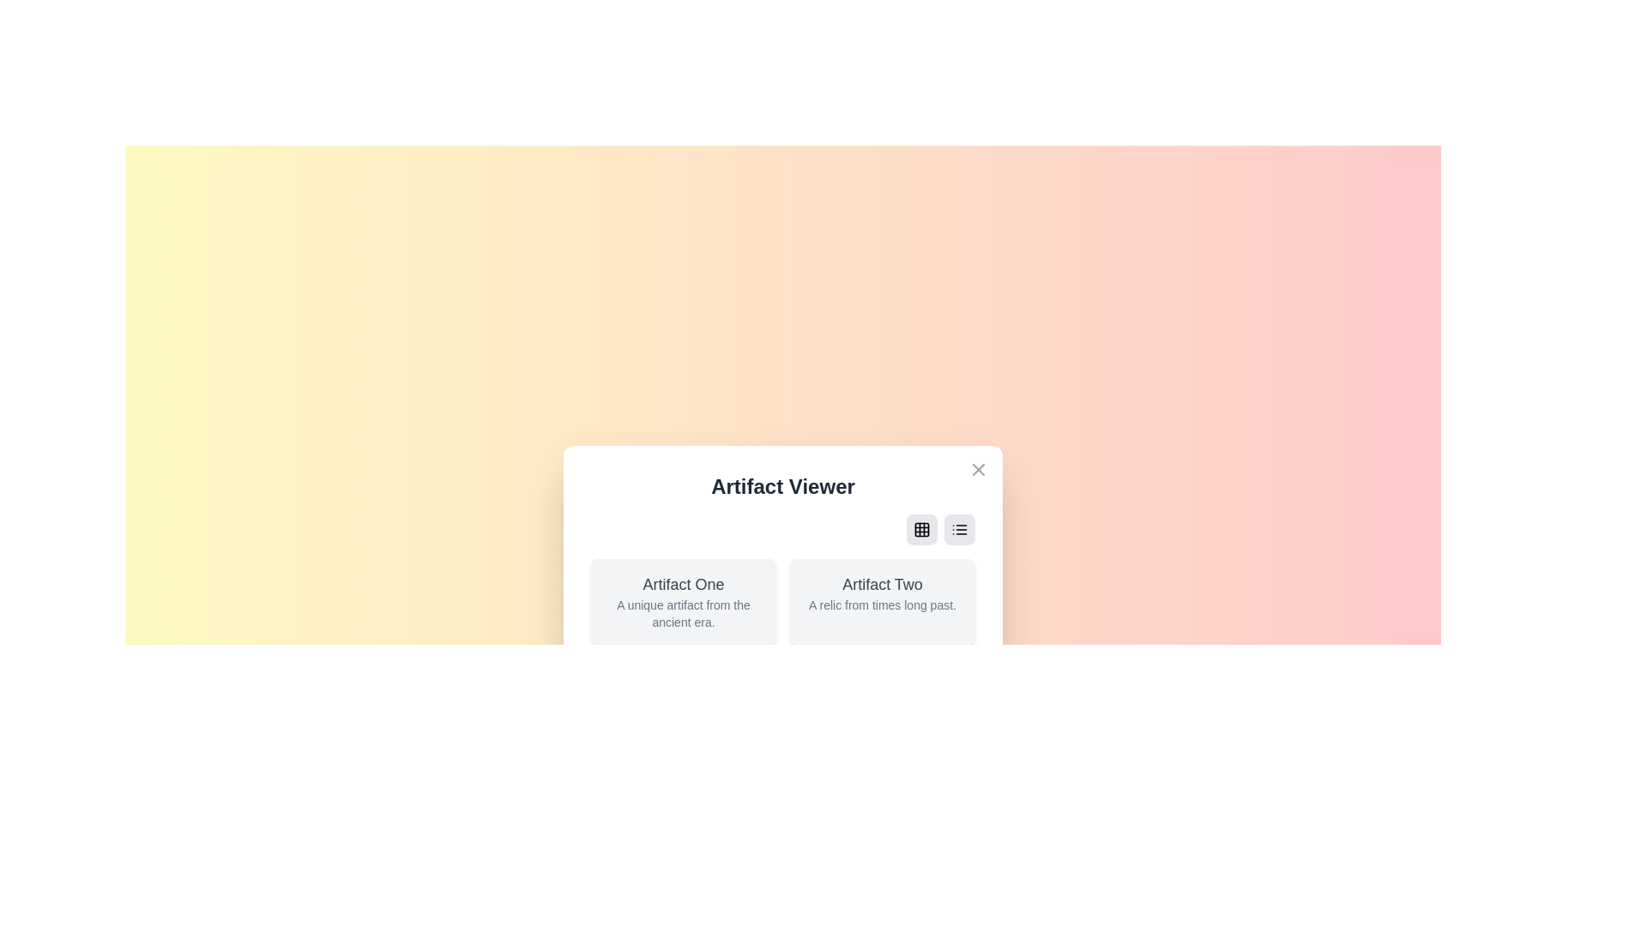 The height and width of the screenshot is (926, 1647). Describe the element at coordinates (921, 528) in the screenshot. I see `the button to switch the view to grid layout` at that location.